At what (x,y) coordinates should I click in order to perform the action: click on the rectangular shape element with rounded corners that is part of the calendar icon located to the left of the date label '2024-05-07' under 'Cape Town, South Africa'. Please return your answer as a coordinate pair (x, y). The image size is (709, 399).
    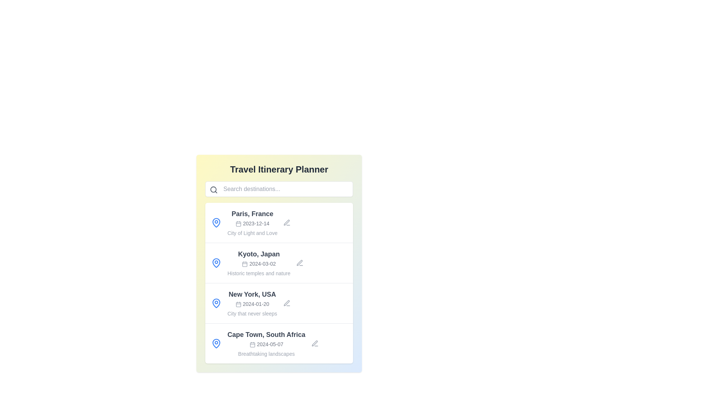
    Looking at the image, I should click on (252, 345).